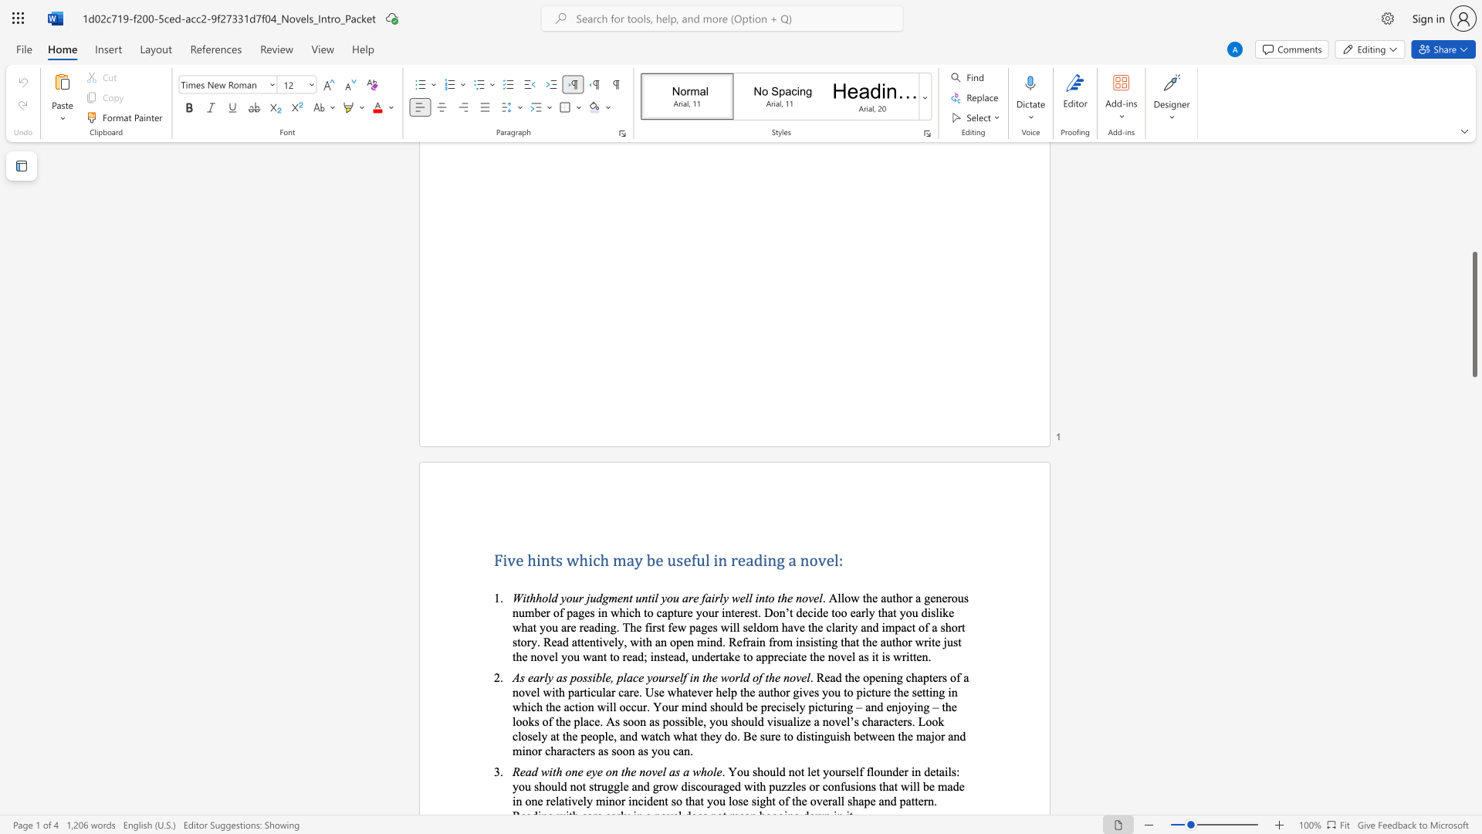 Image resolution: width=1482 pixels, height=834 pixels. Describe the element at coordinates (1474, 314) in the screenshot. I see `the scrollbar and move up 240 pixels` at that location.